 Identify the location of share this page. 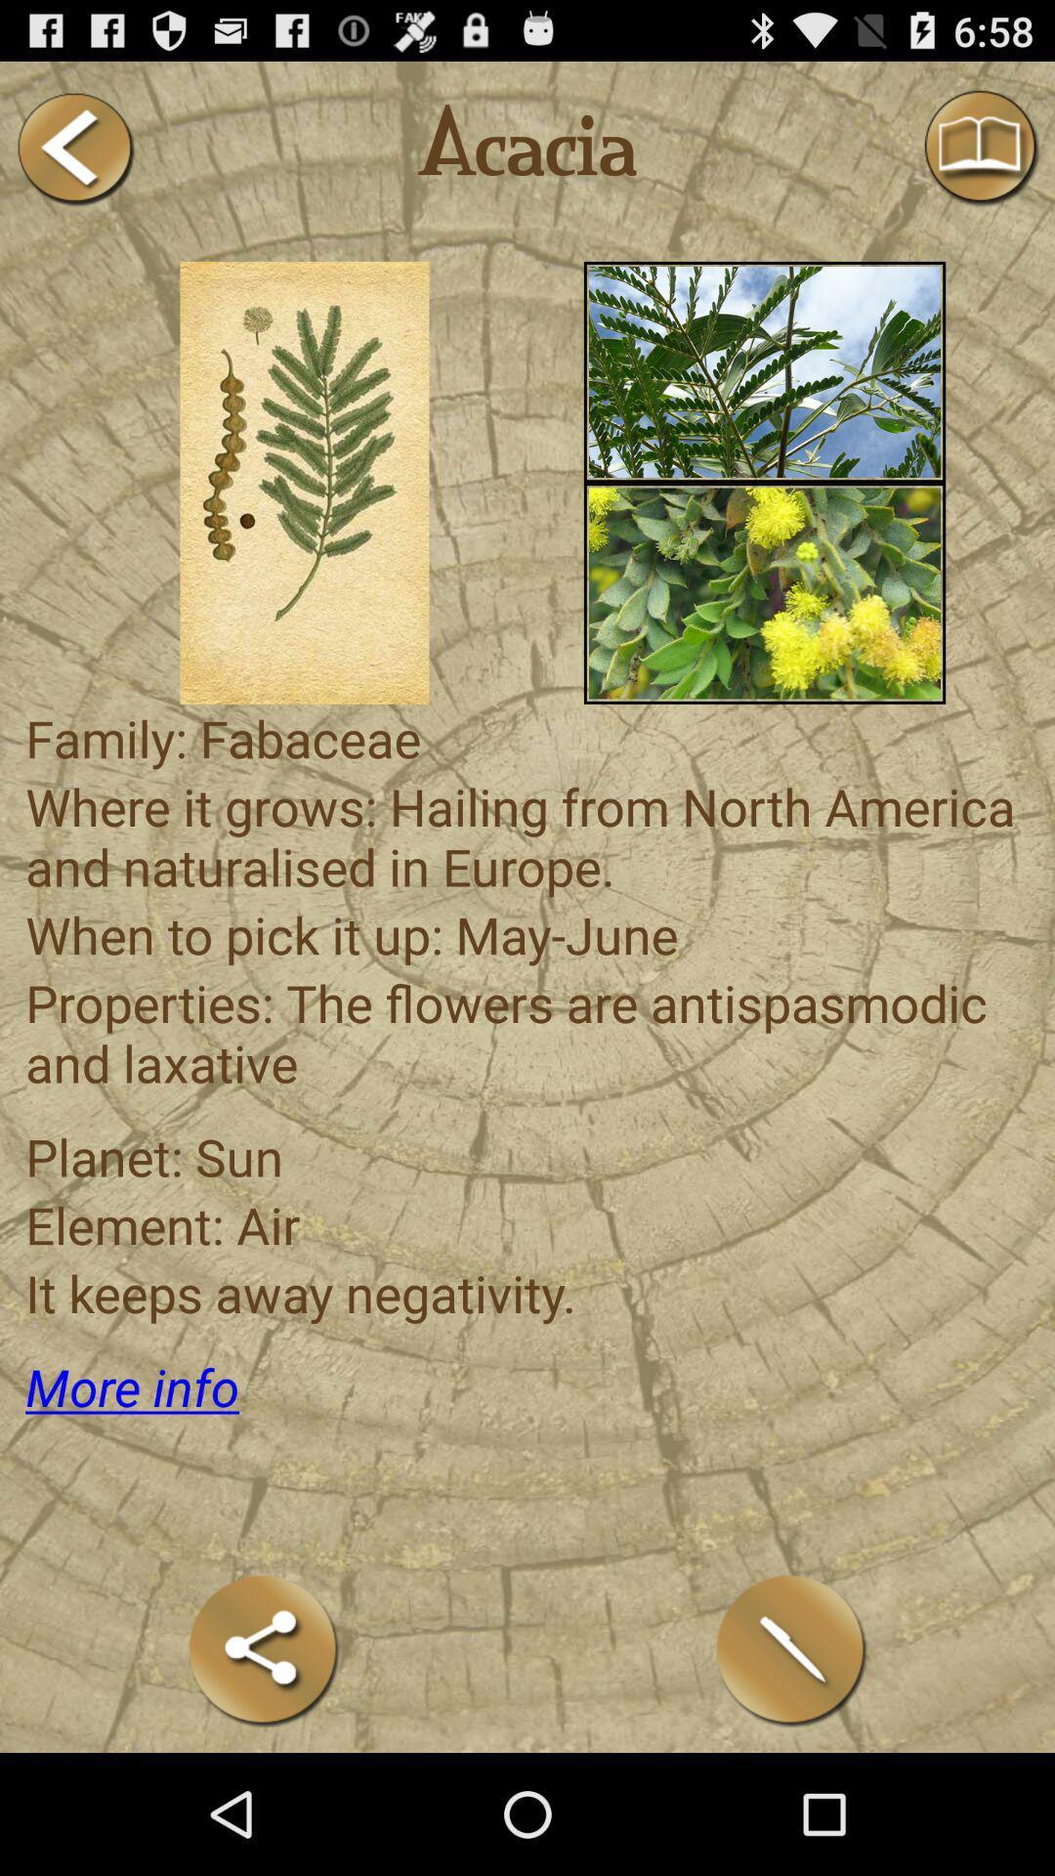
(264, 1649).